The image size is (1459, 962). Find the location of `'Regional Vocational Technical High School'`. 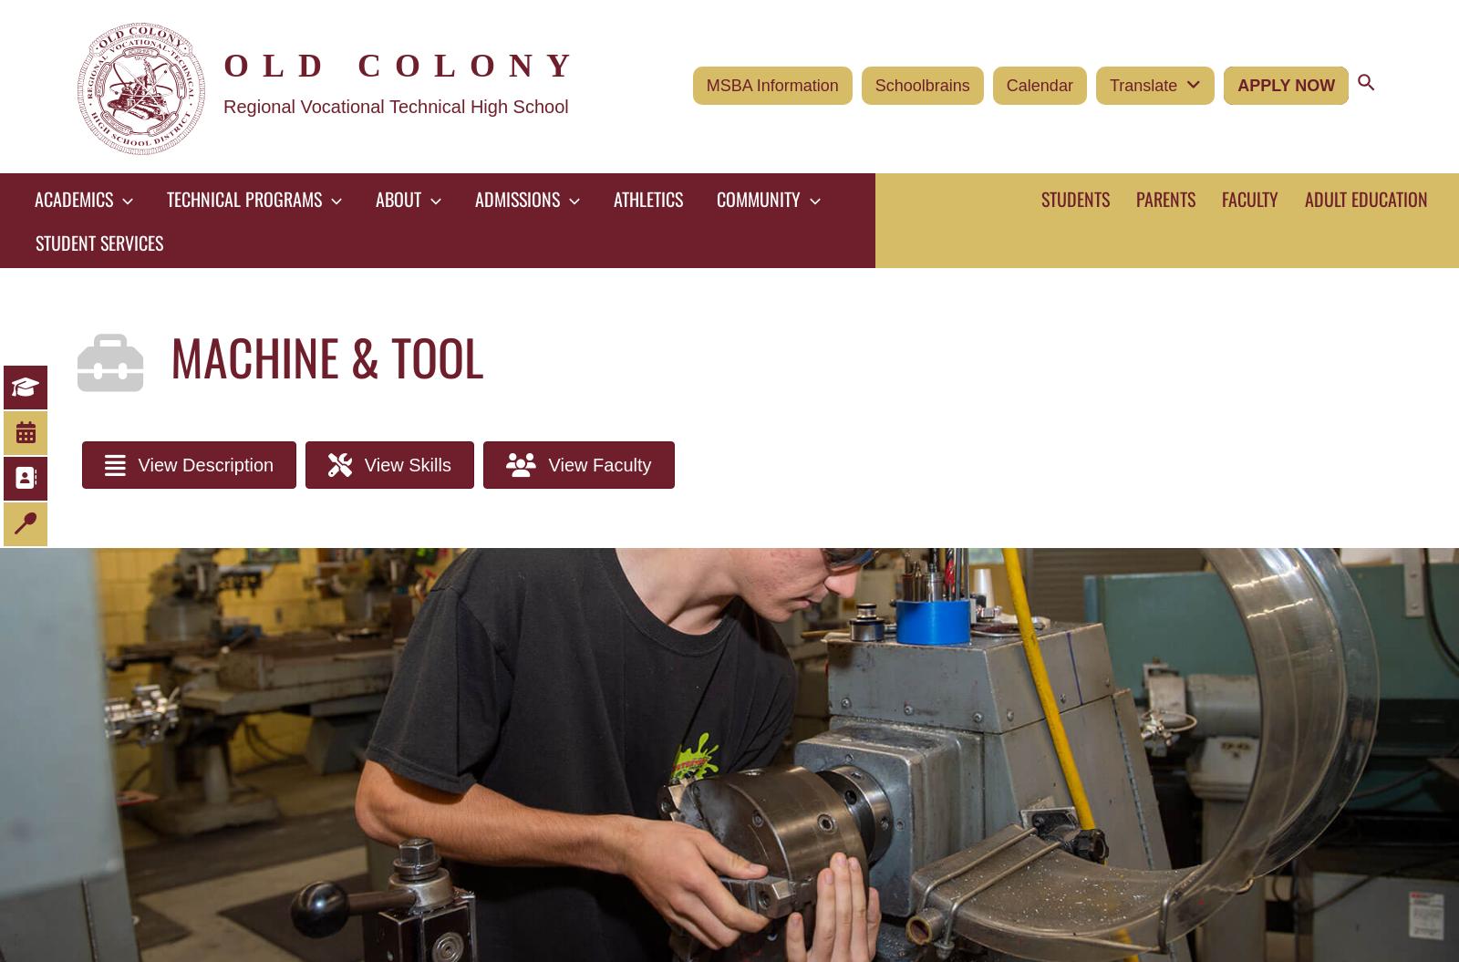

'Regional Vocational Technical High School' is located at coordinates (394, 105).